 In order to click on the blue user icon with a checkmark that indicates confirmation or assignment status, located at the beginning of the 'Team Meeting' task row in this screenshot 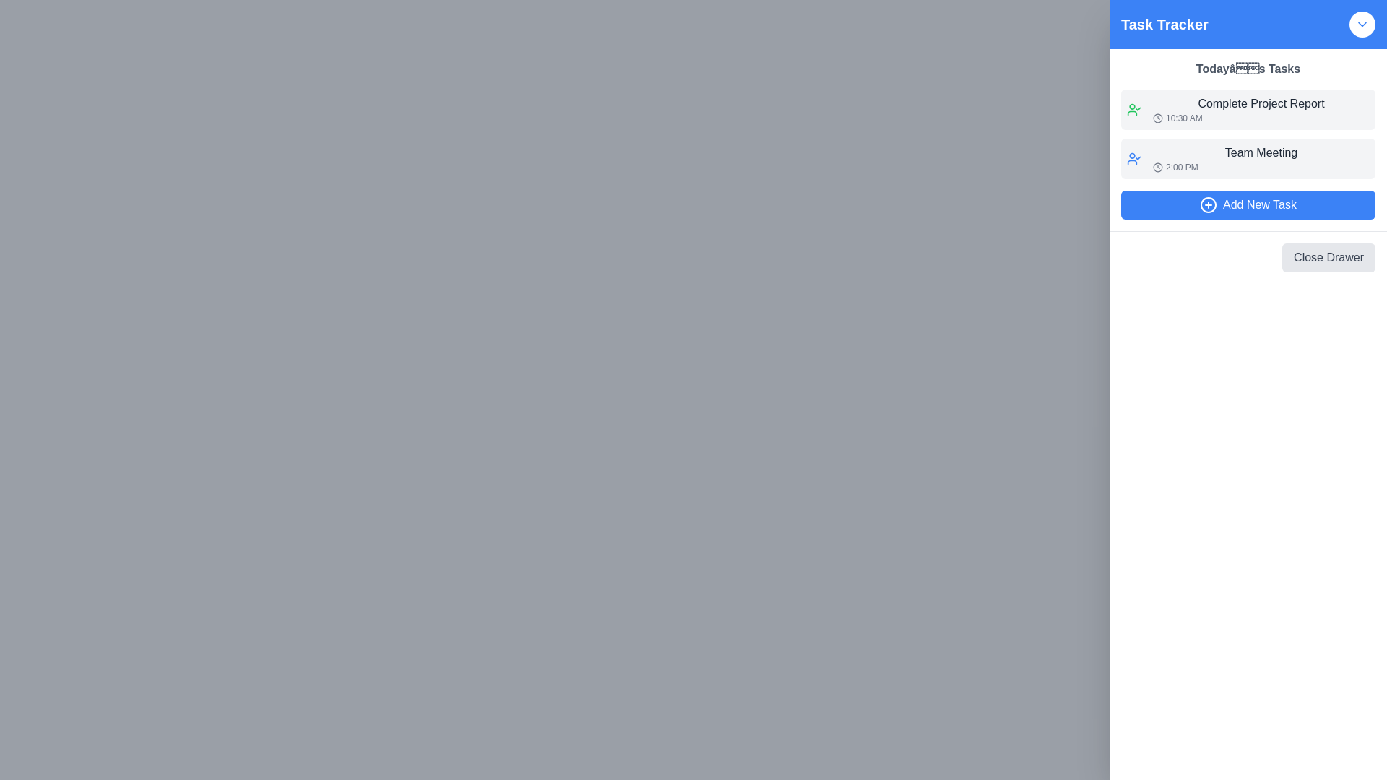, I will do `click(1133, 158)`.